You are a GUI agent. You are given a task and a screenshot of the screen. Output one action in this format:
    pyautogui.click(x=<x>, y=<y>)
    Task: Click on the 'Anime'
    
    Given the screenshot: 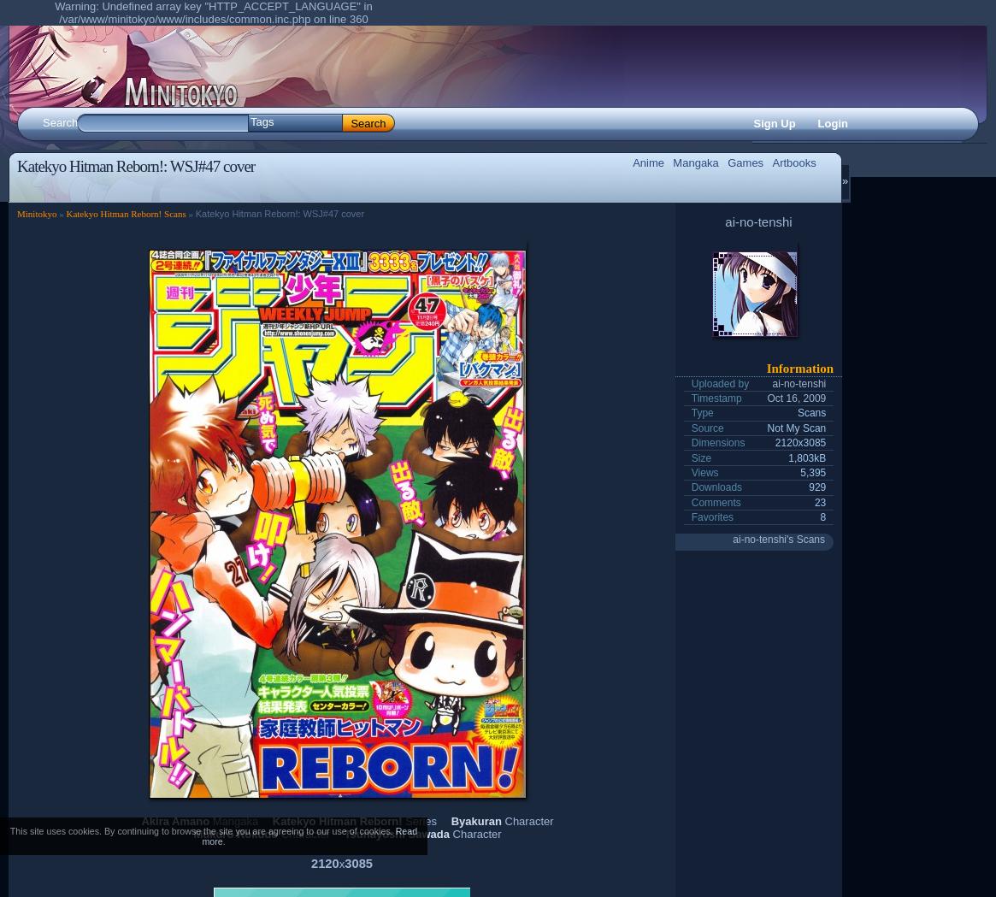 What is the action you would take?
    pyautogui.click(x=632, y=162)
    